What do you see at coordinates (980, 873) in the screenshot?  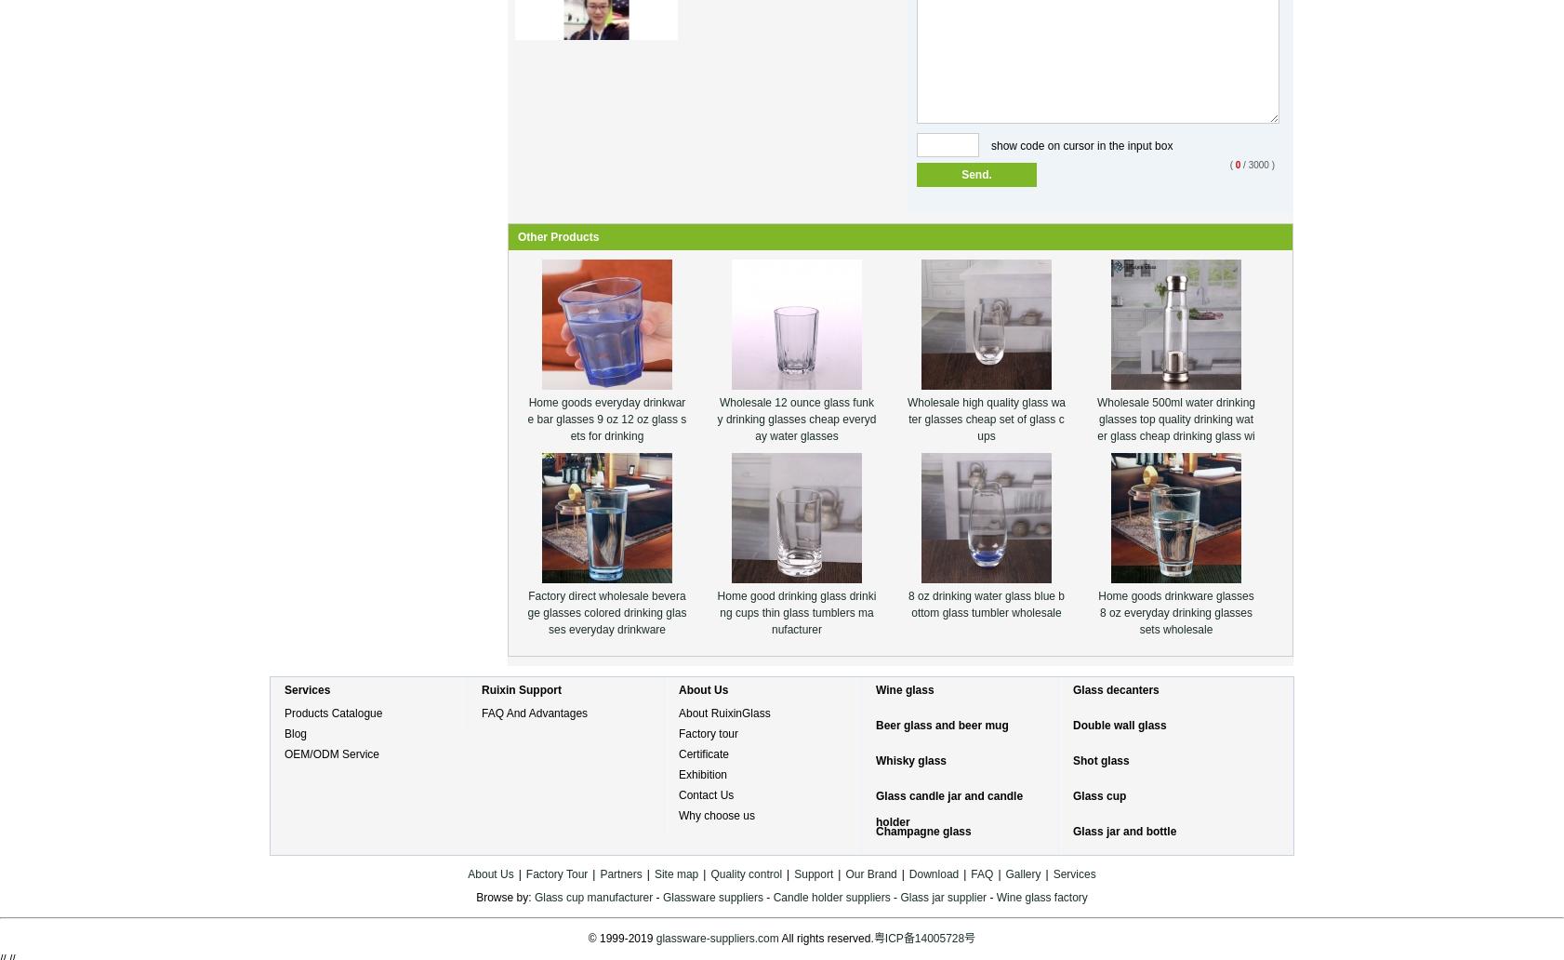 I see `'FAQ'` at bounding box center [980, 873].